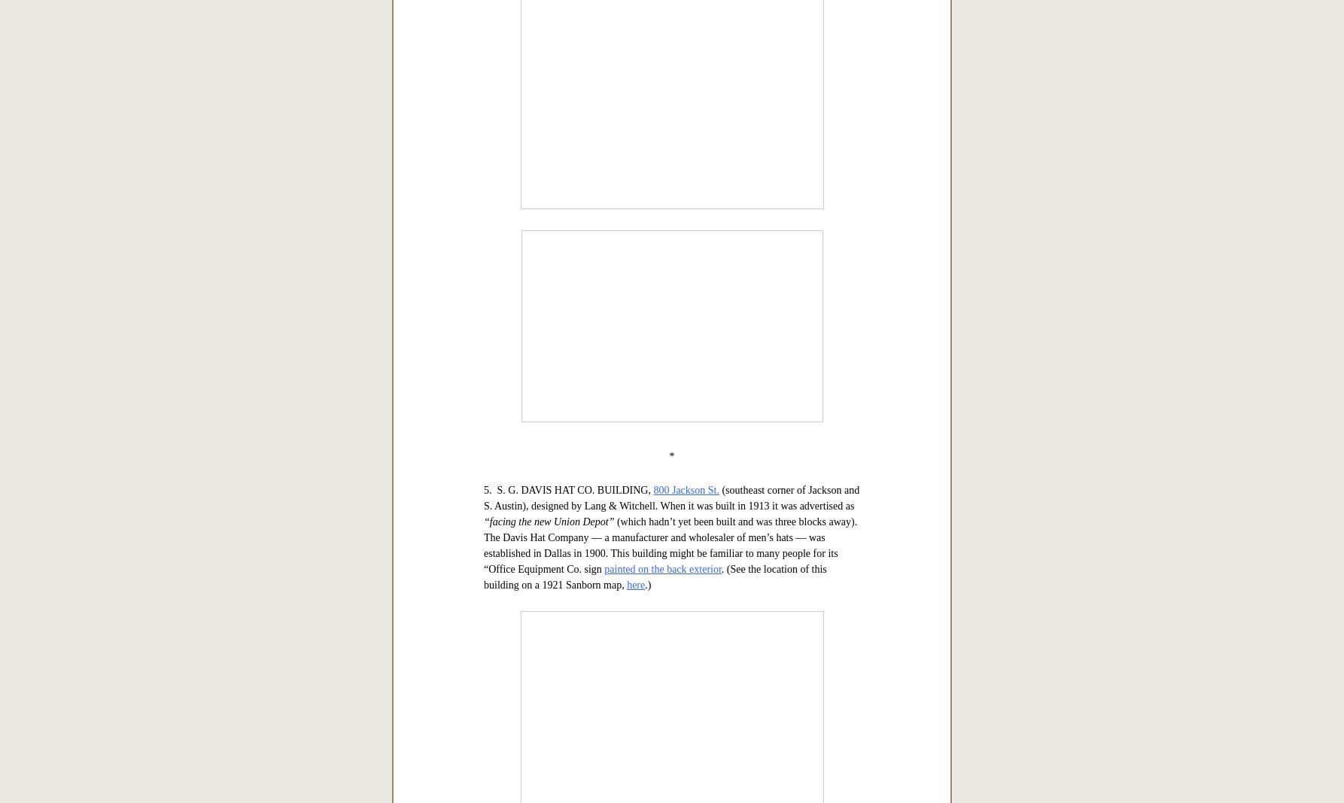 The height and width of the screenshot is (803, 1344). I want to click on '“the greatest and largest interior cotton market in the world, handling cotton worth $100,000,000 per year”', so click(658, 274).